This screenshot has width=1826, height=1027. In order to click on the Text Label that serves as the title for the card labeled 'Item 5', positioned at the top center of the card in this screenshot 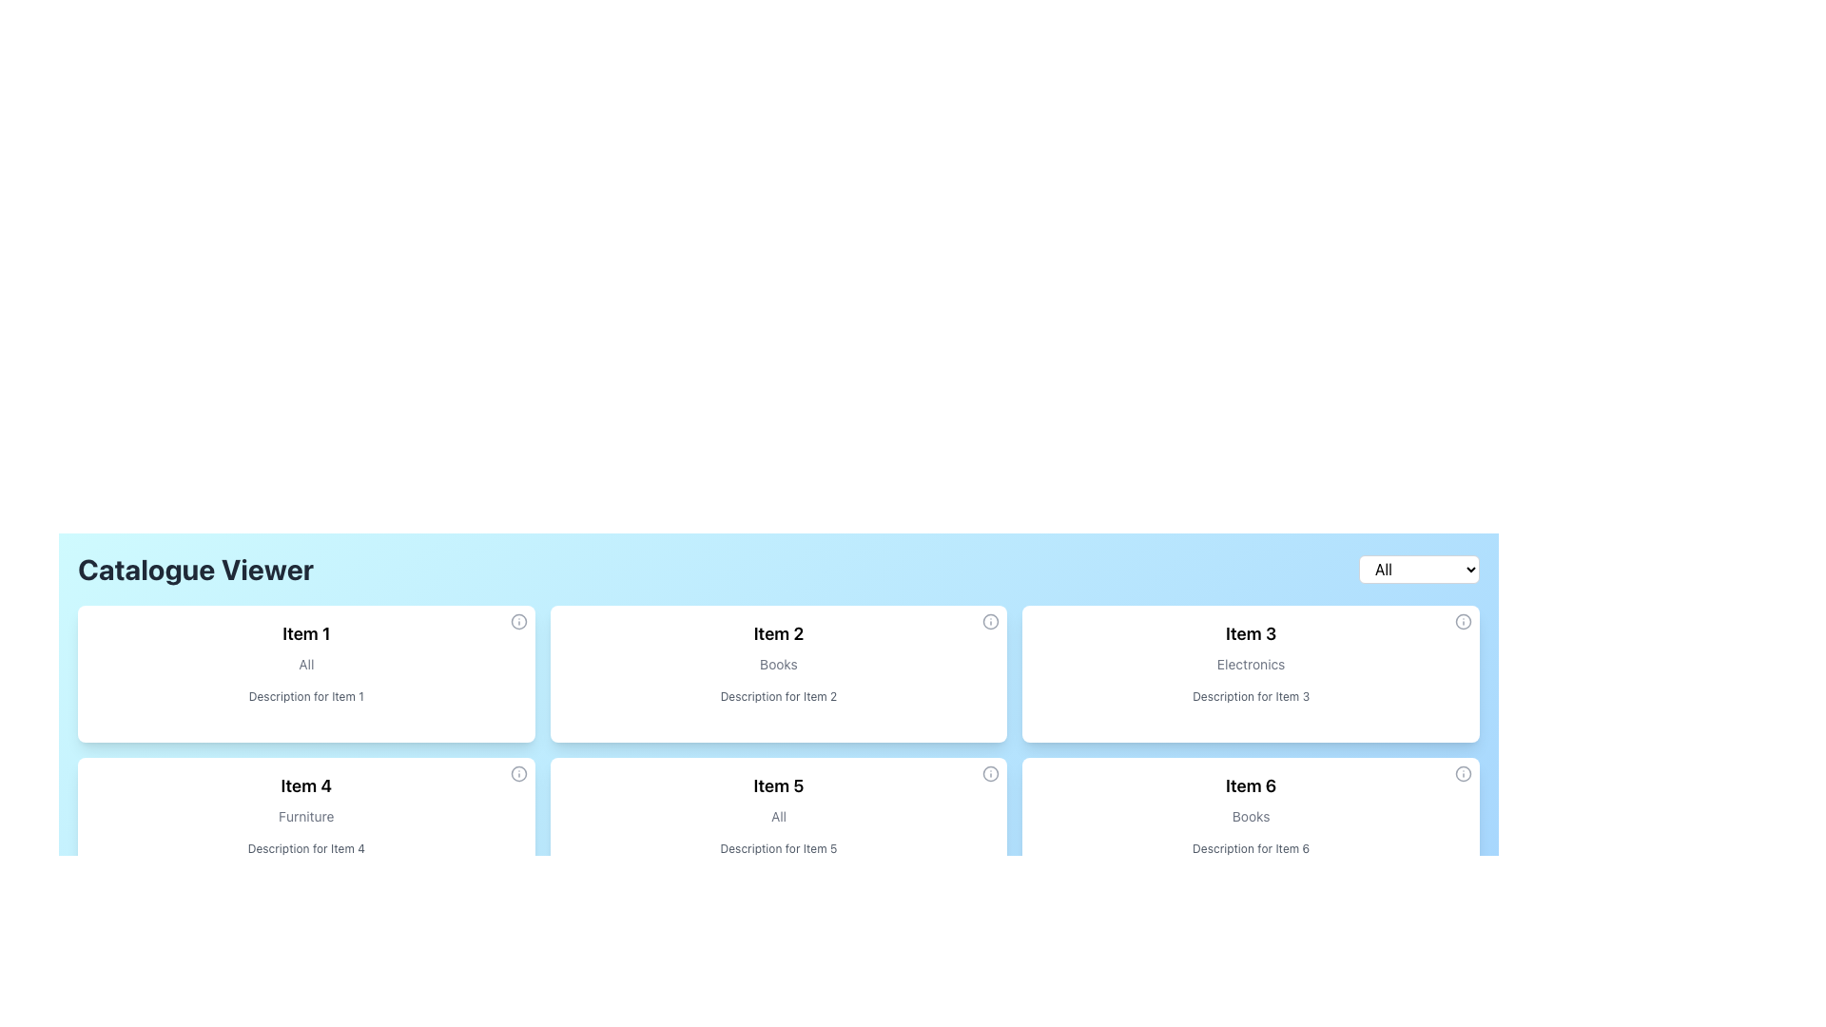, I will do `click(779, 785)`.